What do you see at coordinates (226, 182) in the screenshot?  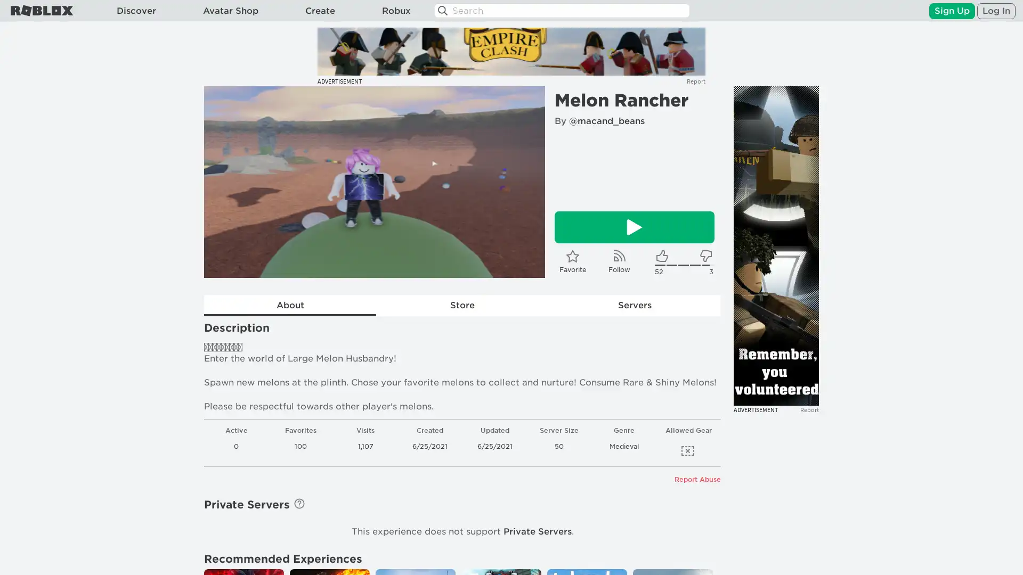 I see `Back` at bounding box center [226, 182].